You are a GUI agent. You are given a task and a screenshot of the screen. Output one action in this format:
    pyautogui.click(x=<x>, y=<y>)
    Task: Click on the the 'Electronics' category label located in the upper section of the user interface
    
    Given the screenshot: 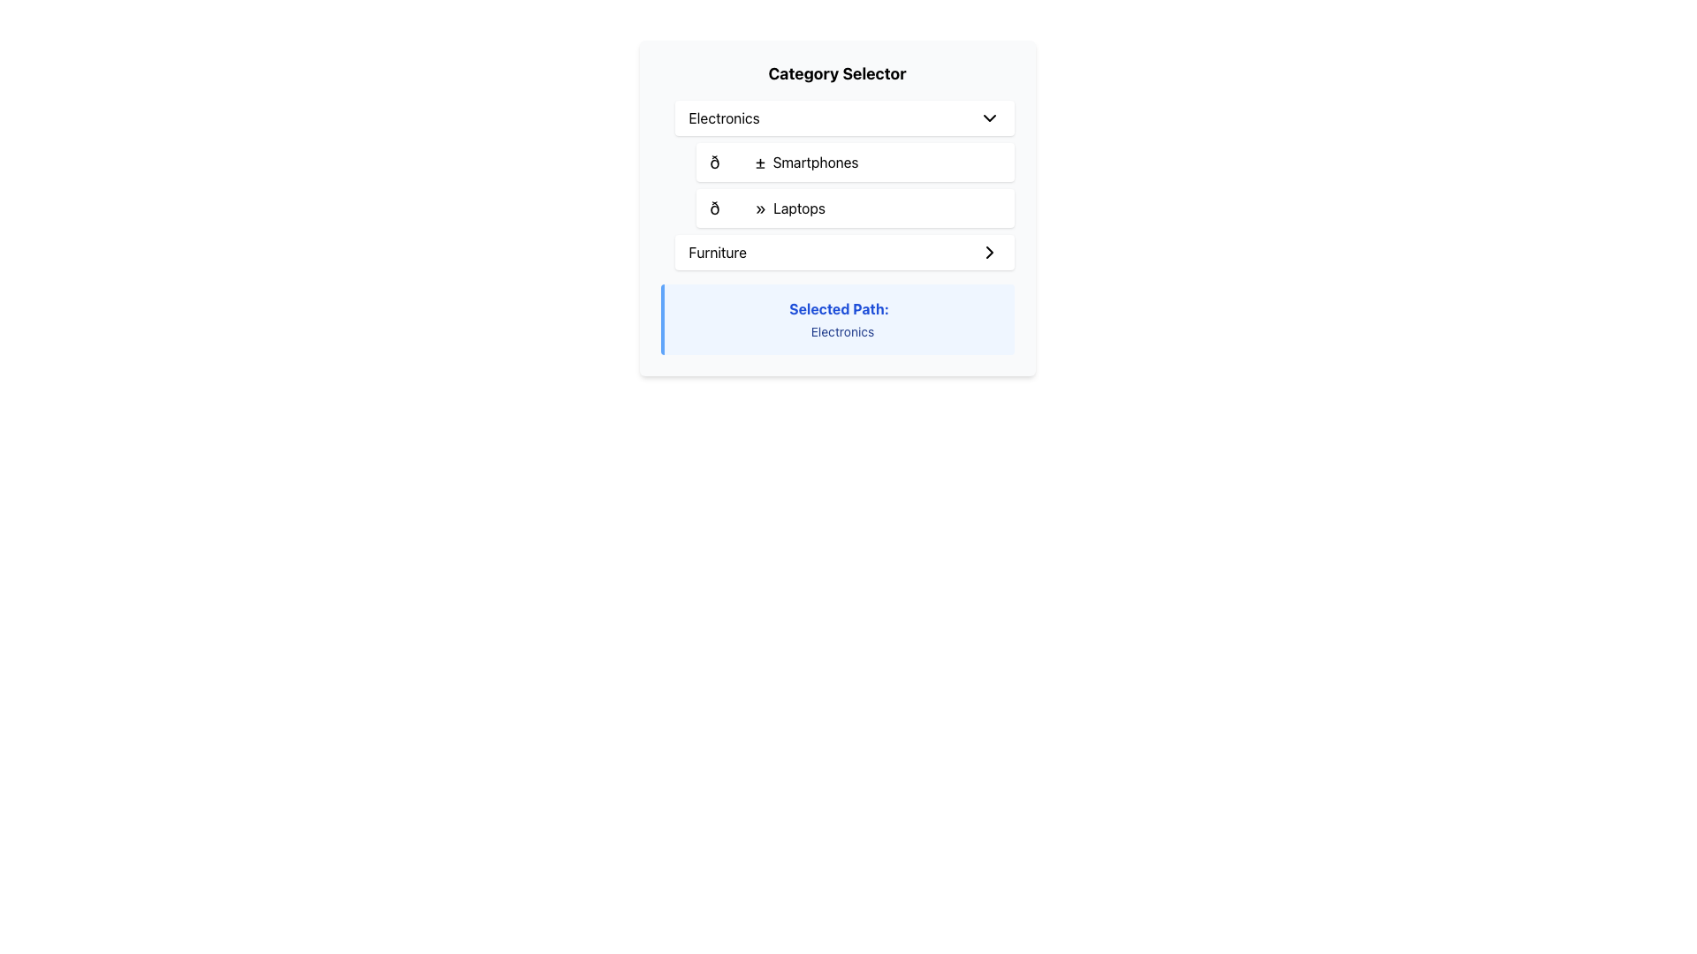 What is the action you would take?
    pyautogui.click(x=724, y=118)
    